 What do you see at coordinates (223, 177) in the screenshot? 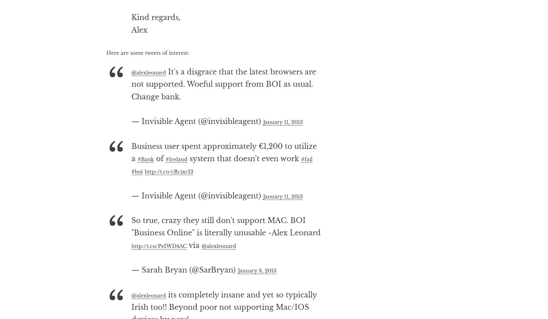
I see `'Business user spent approximately €1,200 to utilize a'` at bounding box center [223, 177].